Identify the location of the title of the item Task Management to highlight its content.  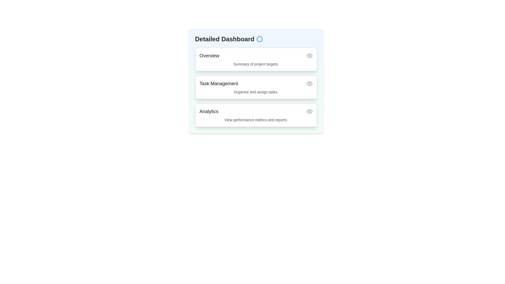
(219, 83).